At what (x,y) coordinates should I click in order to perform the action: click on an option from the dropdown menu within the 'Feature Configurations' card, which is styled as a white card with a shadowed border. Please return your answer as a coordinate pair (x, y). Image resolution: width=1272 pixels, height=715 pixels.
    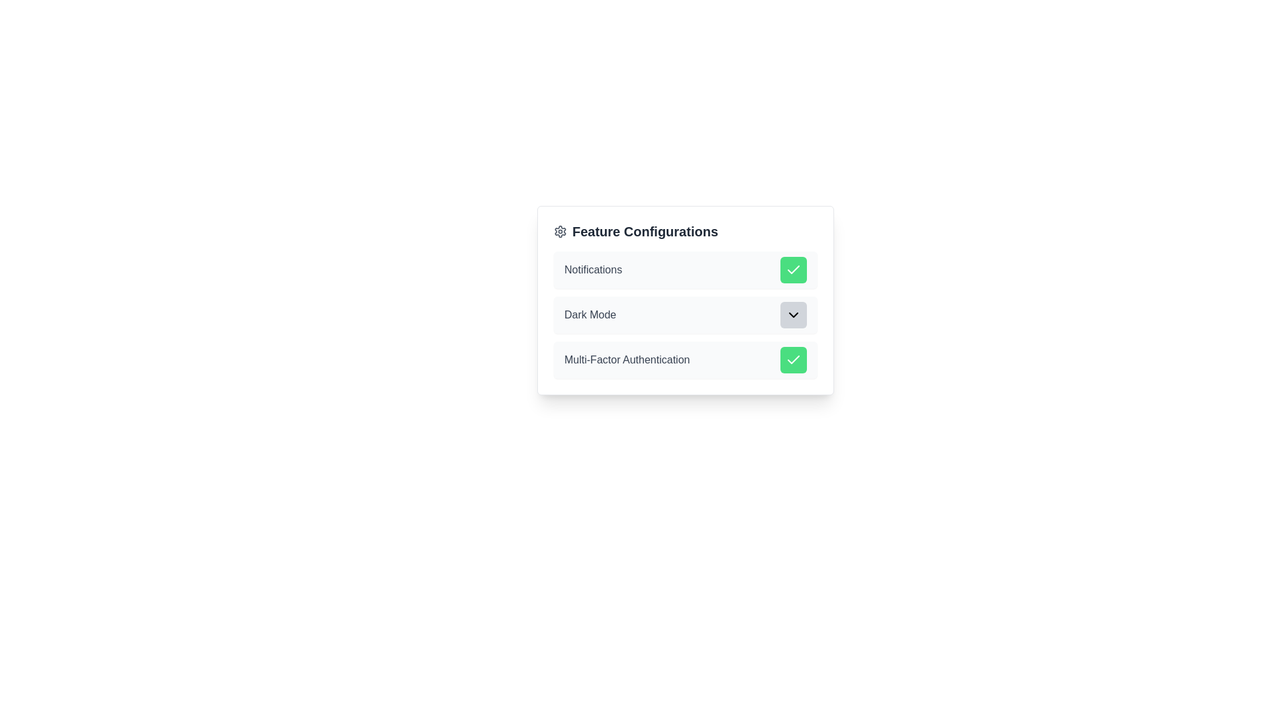
    Looking at the image, I should click on (686, 301).